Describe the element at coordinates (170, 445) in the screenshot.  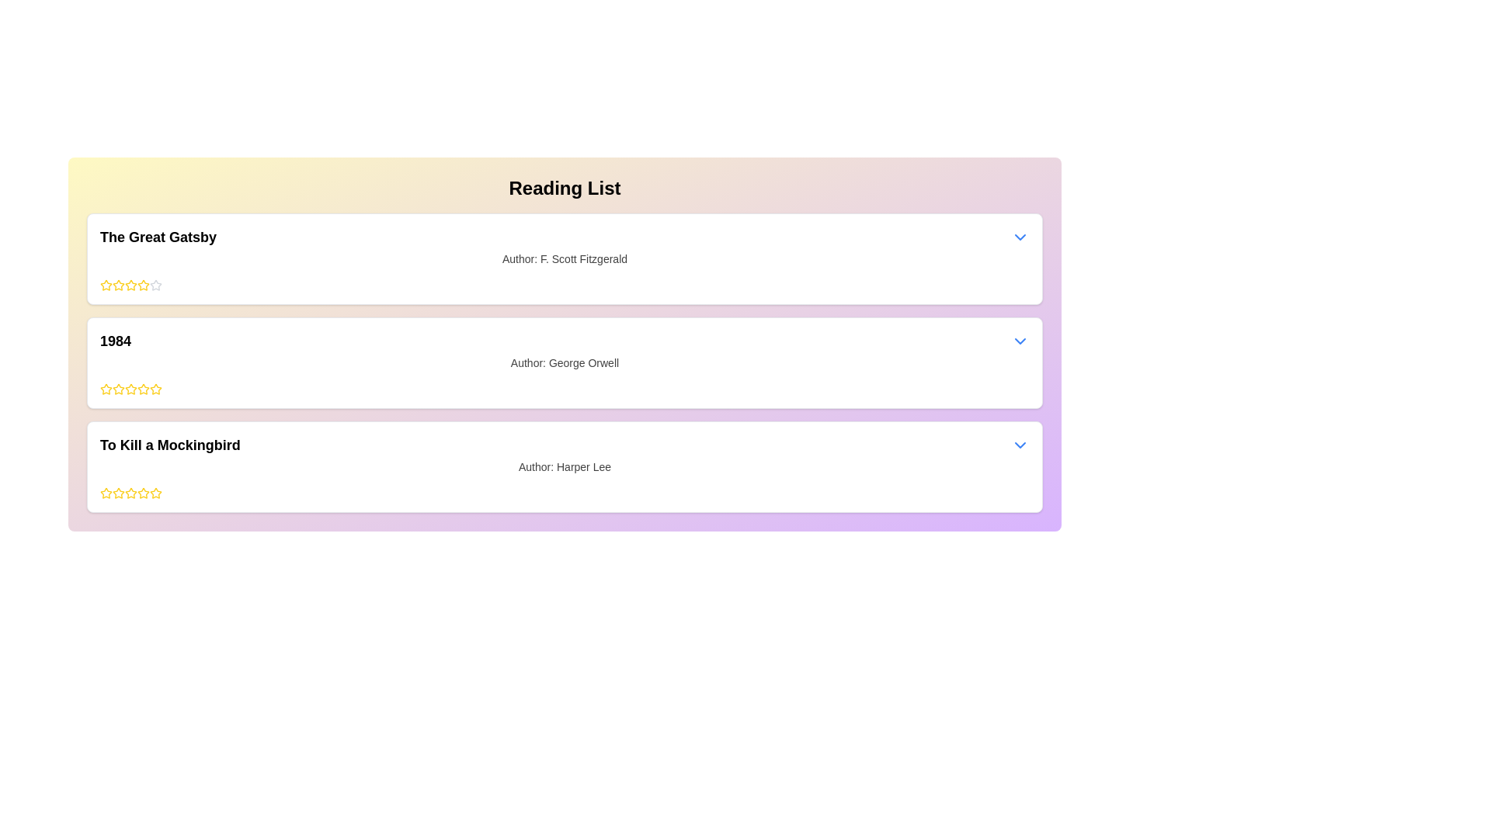
I see `the text label that serves as a heading or title for the corresponding book entry in the third section of the reading list, located on the left side before the author's name and dropdown arrow` at that location.